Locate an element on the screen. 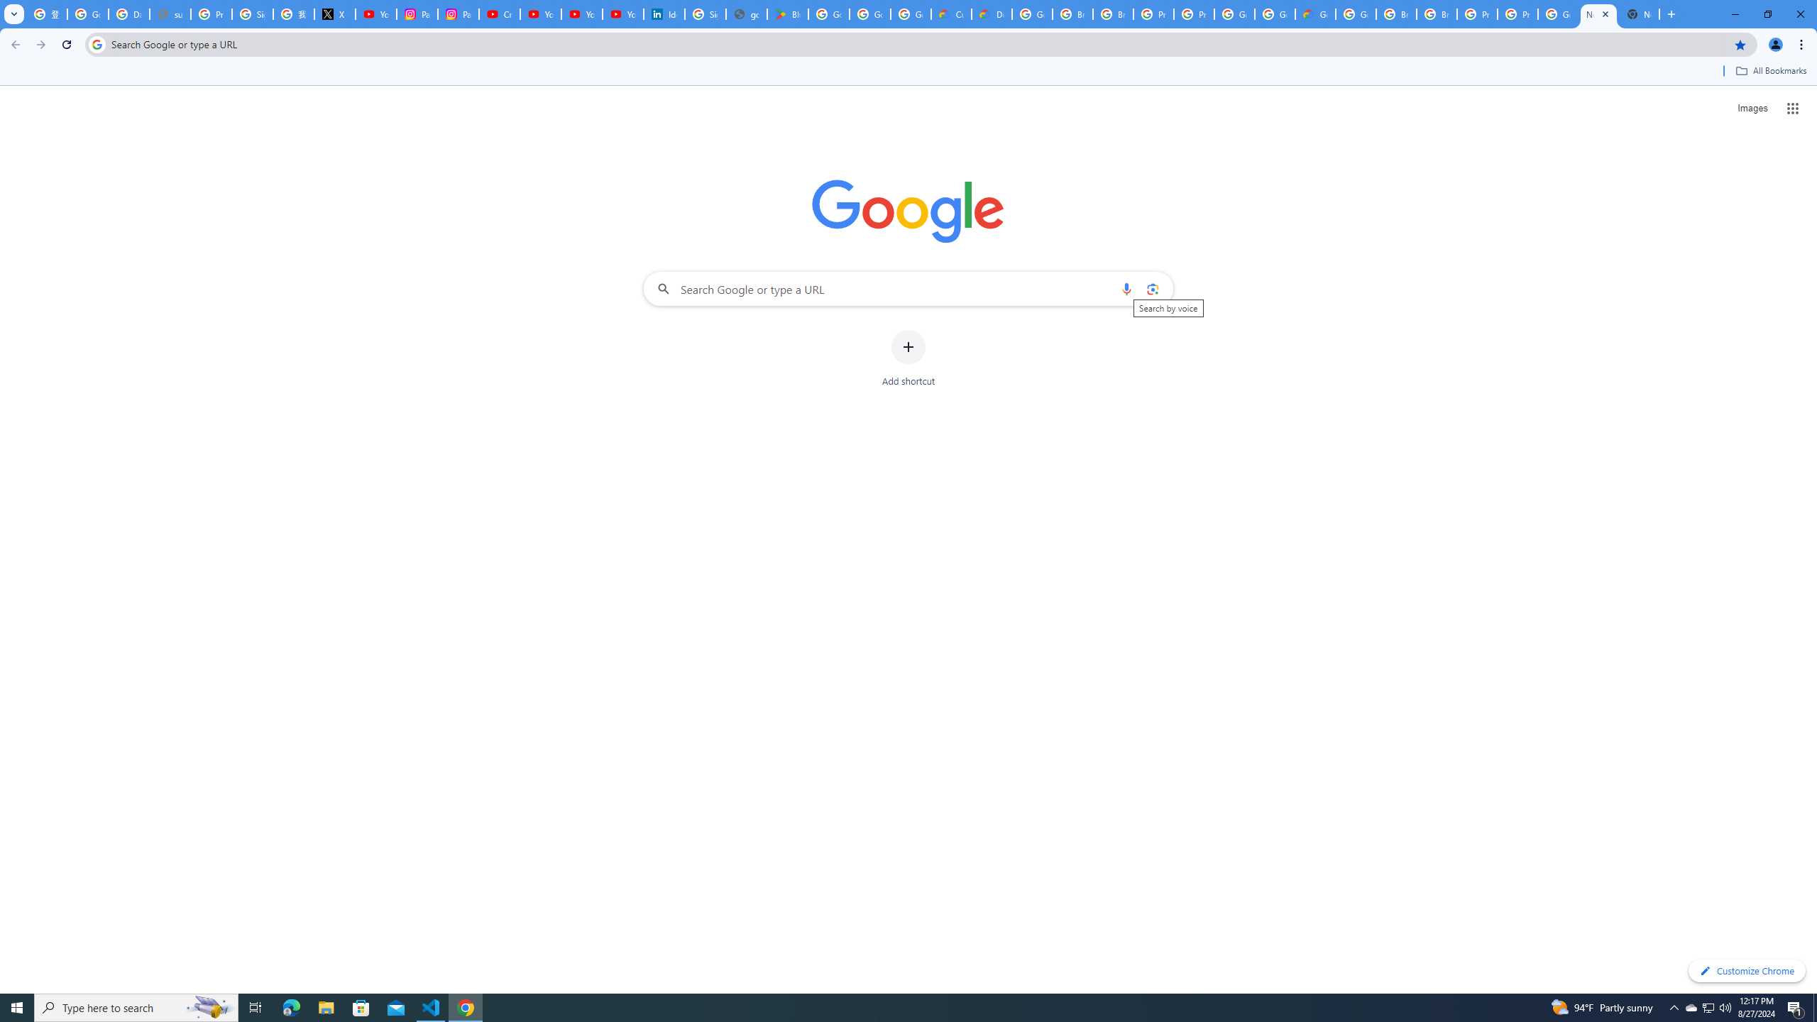 The image size is (1817, 1022). 'Search Google or type a URL' is located at coordinates (908, 287).